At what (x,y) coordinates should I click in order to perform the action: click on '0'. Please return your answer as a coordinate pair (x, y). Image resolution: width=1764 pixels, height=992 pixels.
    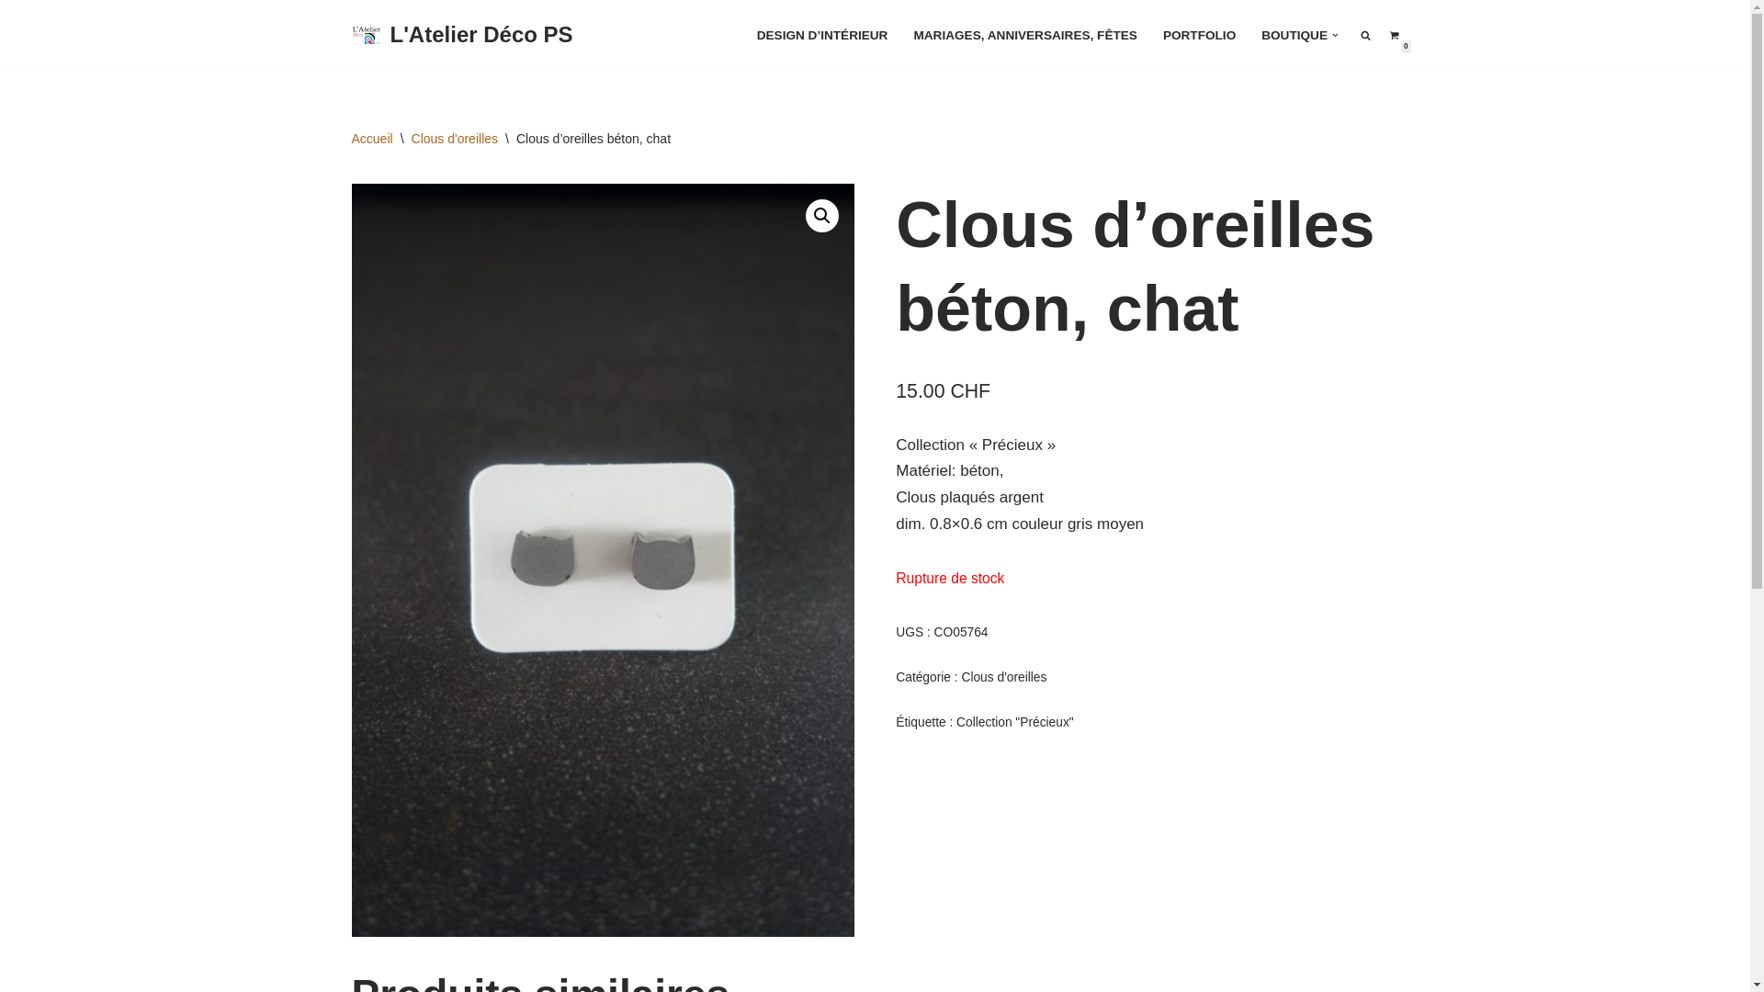
    Looking at the image, I should click on (1389, 35).